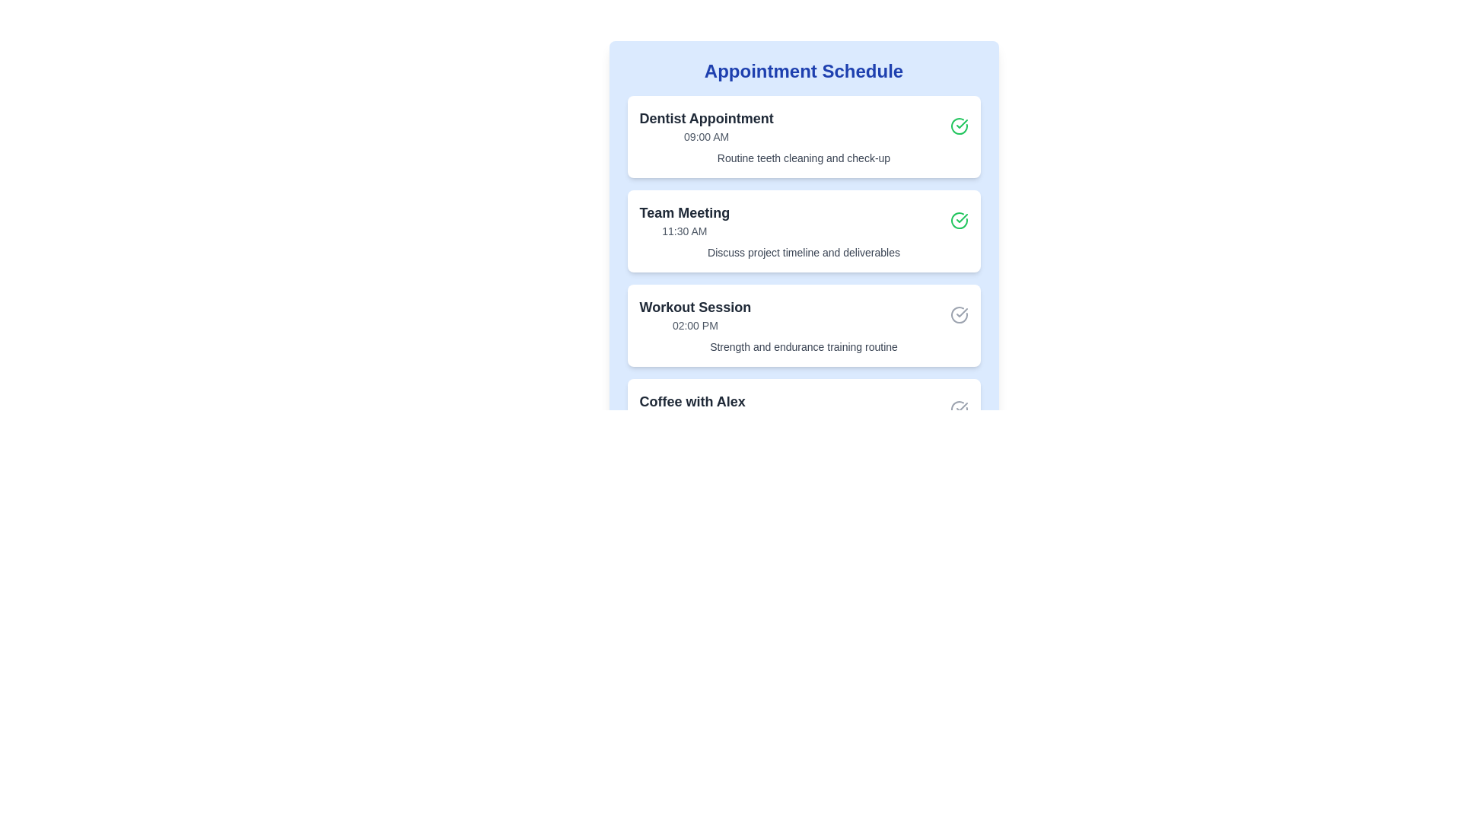 This screenshot has height=822, width=1461. What do you see at coordinates (803, 125) in the screenshot?
I see `information displayed in the informational block for 'Dentist Appointment' scheduled at 09:00 AM, located at the top of the 'Appointment Schedule' list` at bounding box center [803, 125].